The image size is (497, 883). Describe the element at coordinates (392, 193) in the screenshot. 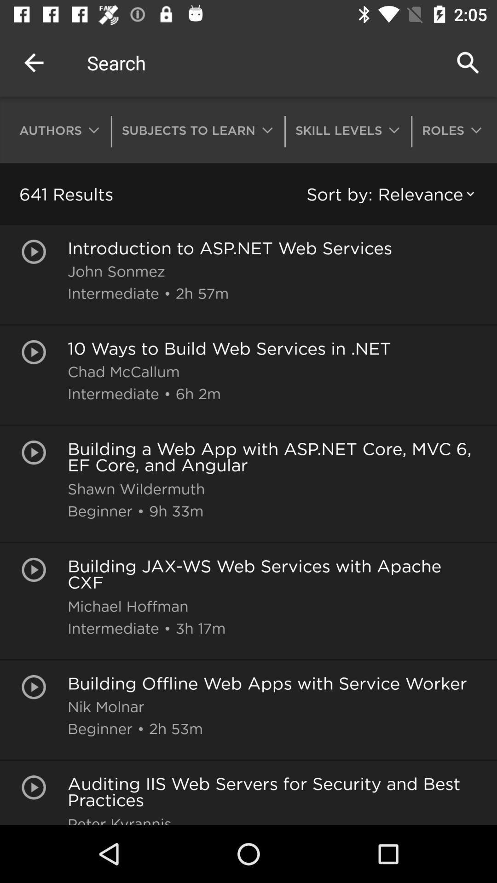

I see `the item above introduction to asp item` at that location.